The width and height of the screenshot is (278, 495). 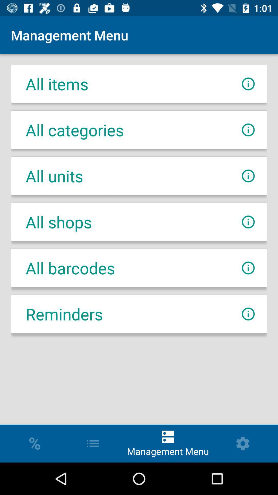 What do you see at coordinates (248, 84) in the screenshot?
I see `more information` at bounding box center [248, 84].